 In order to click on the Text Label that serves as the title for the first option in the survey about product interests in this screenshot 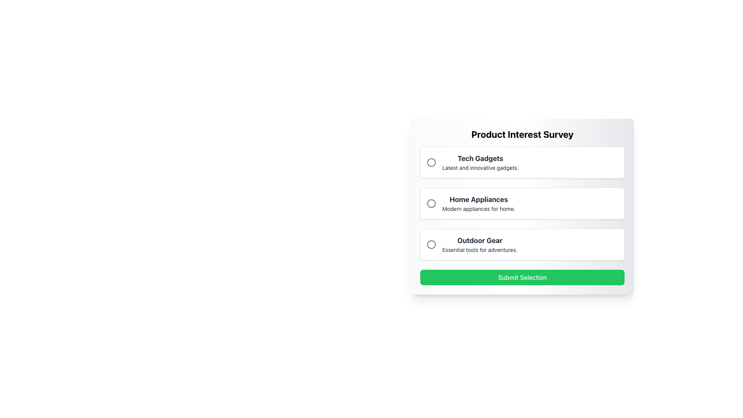, I will do `click(480, 158)`.